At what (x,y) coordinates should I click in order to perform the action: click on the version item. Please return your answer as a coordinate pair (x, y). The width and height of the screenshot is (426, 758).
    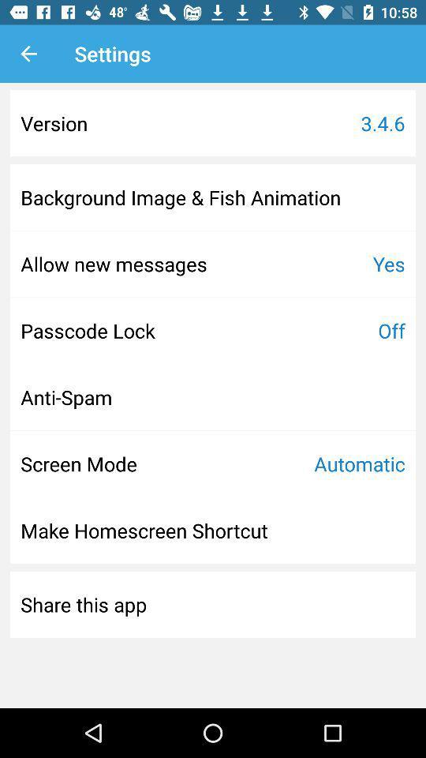
    Looking at the image, I should click on (53, 122).